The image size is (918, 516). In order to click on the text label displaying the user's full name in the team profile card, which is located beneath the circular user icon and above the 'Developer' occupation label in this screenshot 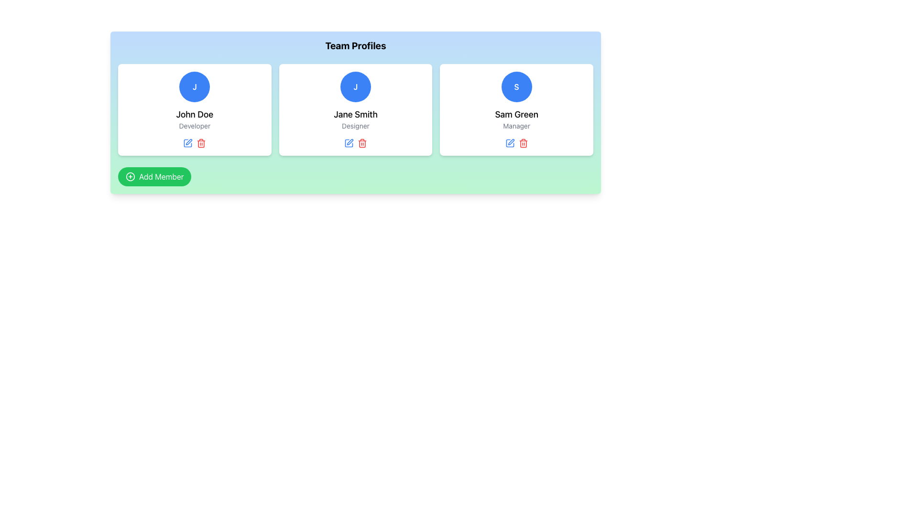, I will do `click(194, 114)`.